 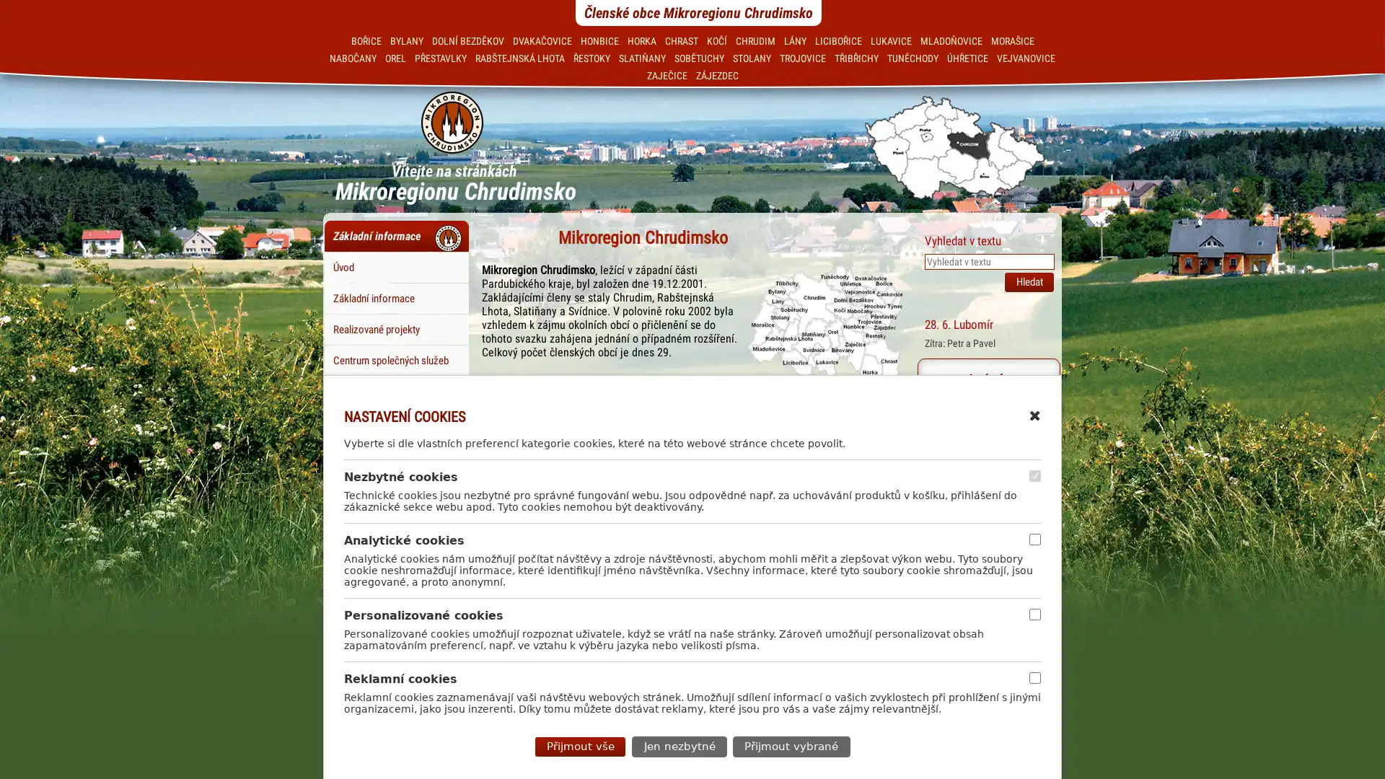 What do you see at coordinates (678, 746) in the screenshot?
I see `Jen nezbytne` at bounding box center [678, 746].